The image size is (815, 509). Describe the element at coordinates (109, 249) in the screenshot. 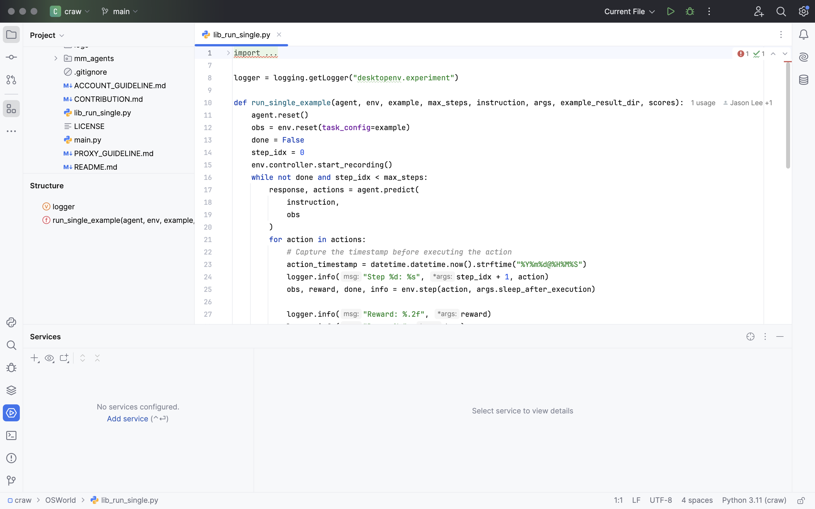

I see `'0 0 Structure 0 0 0 0 0 0 0 0 0 0 0'` at that location.